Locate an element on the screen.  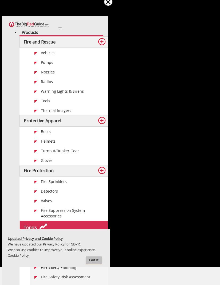
'Turnout/Bunker Gear' is located at coordinates (41, 151).